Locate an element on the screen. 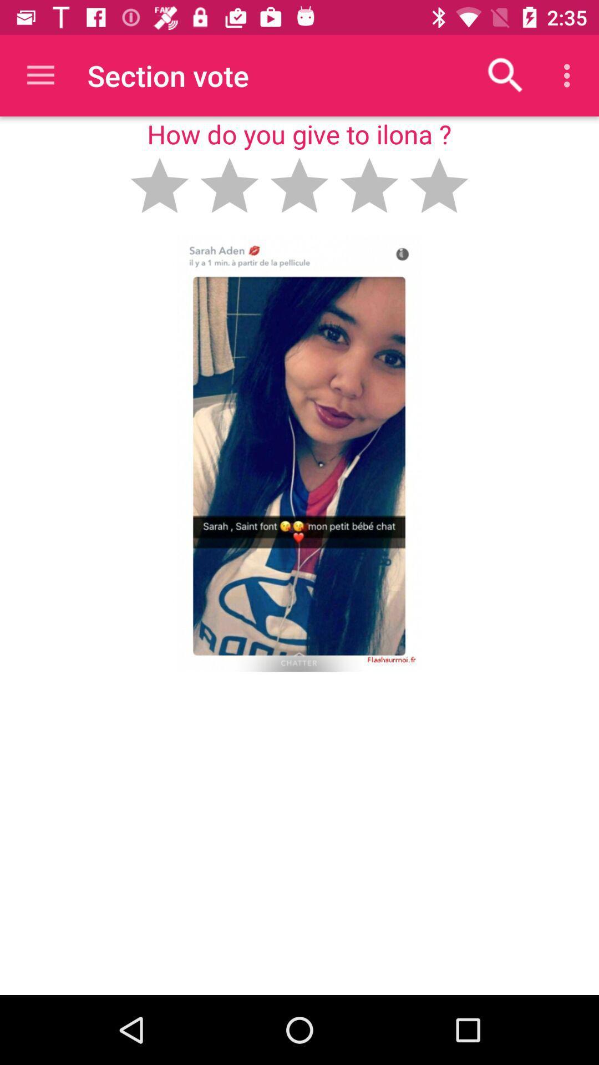 Image resolution: width=599 pixels, height=1065 pixels. the item to the right of the how do you is located at coordinates (505, 75).